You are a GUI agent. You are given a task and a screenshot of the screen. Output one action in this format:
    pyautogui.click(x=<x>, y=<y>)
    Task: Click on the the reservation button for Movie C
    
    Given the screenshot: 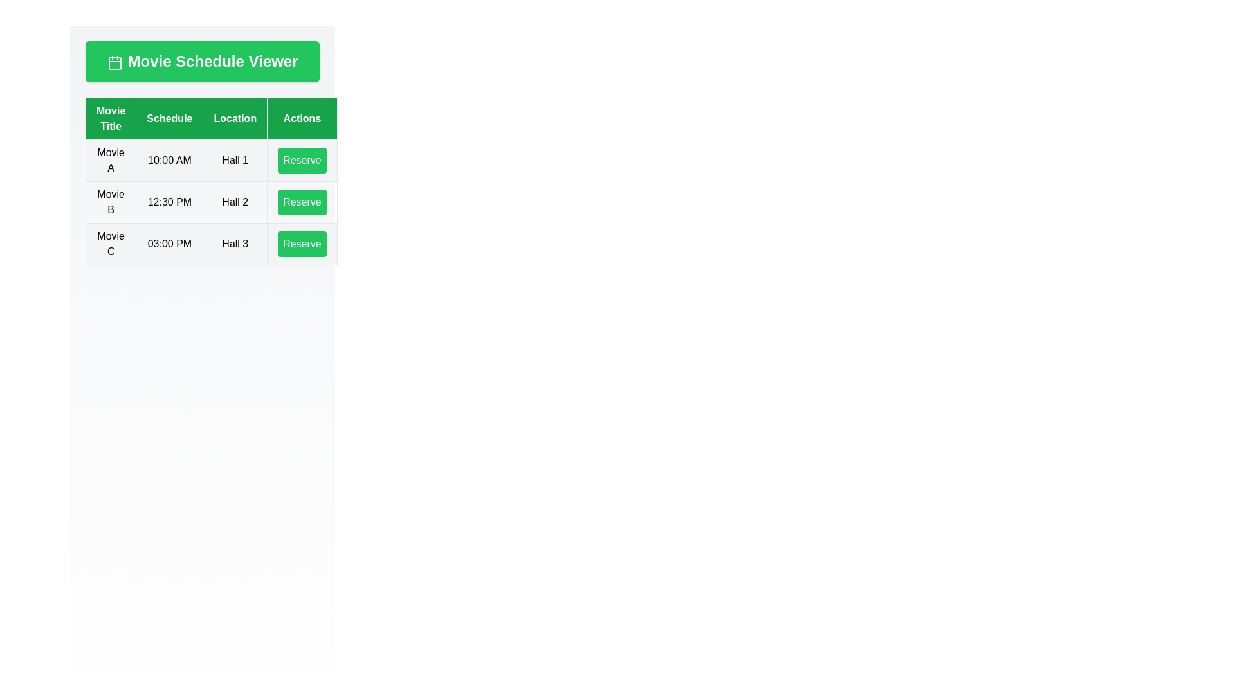 What is the action you would take?
    pyautogui.click(x=302, y=244)
    